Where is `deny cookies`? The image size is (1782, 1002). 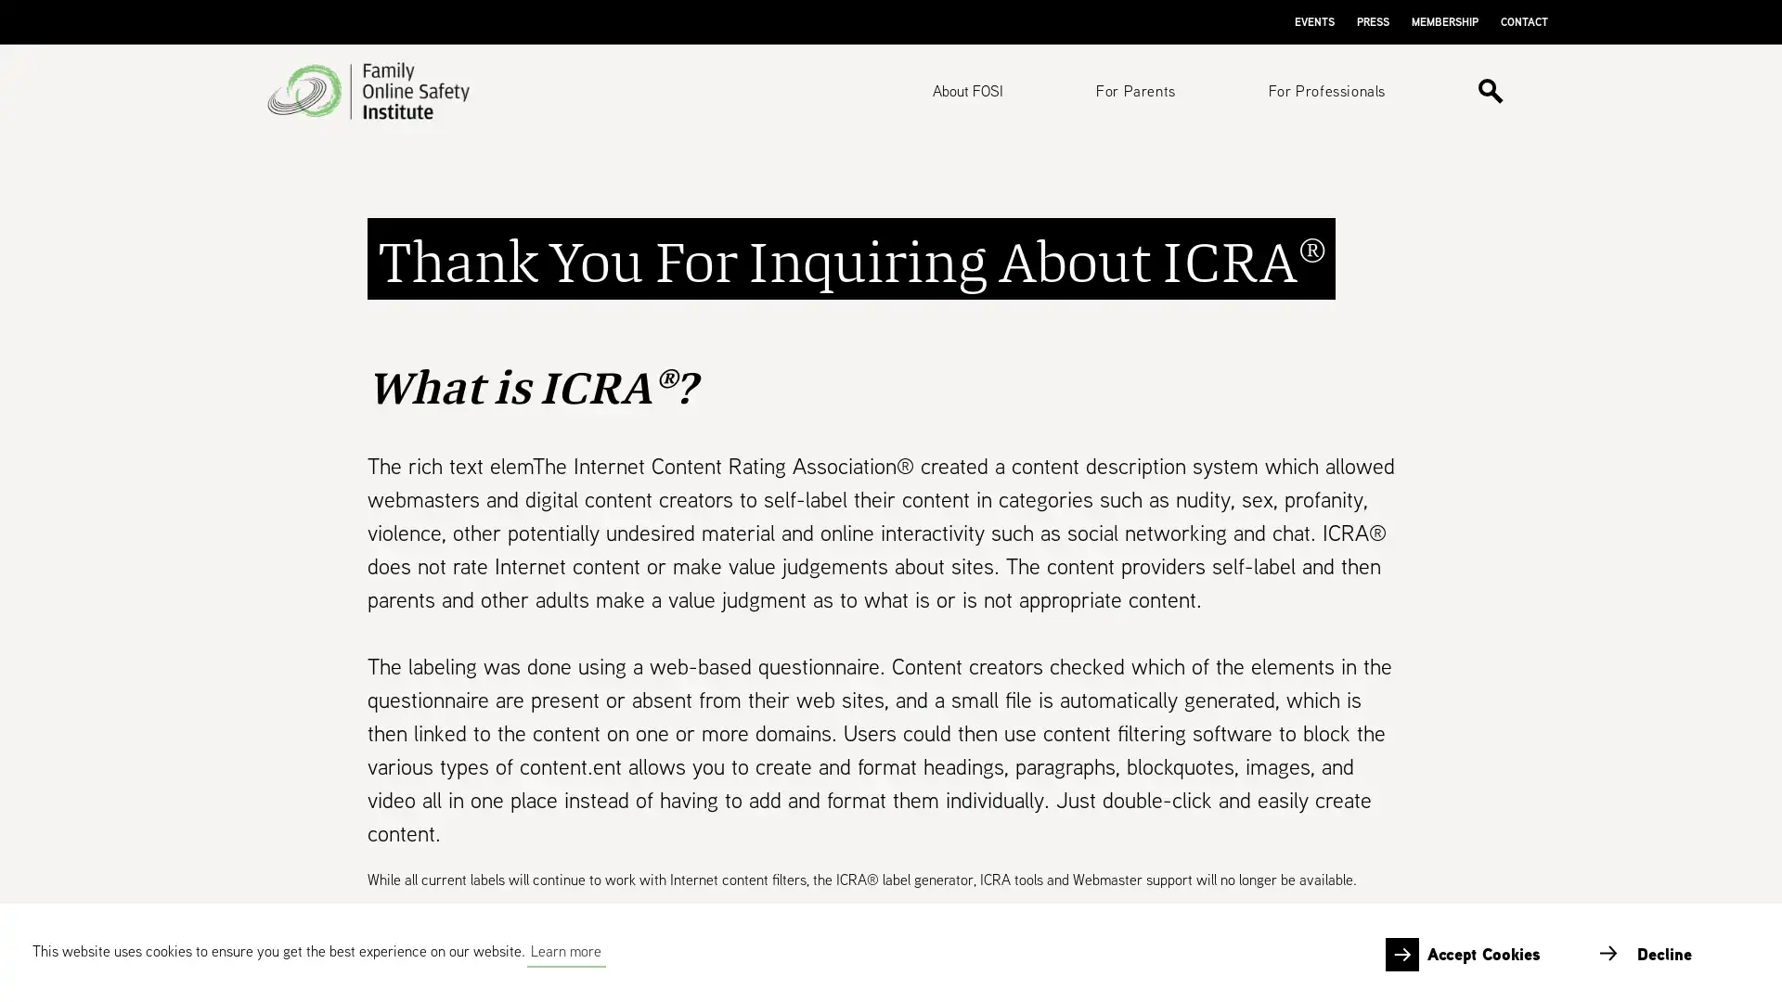
deny cookies is located at coordinates (1646, 952).